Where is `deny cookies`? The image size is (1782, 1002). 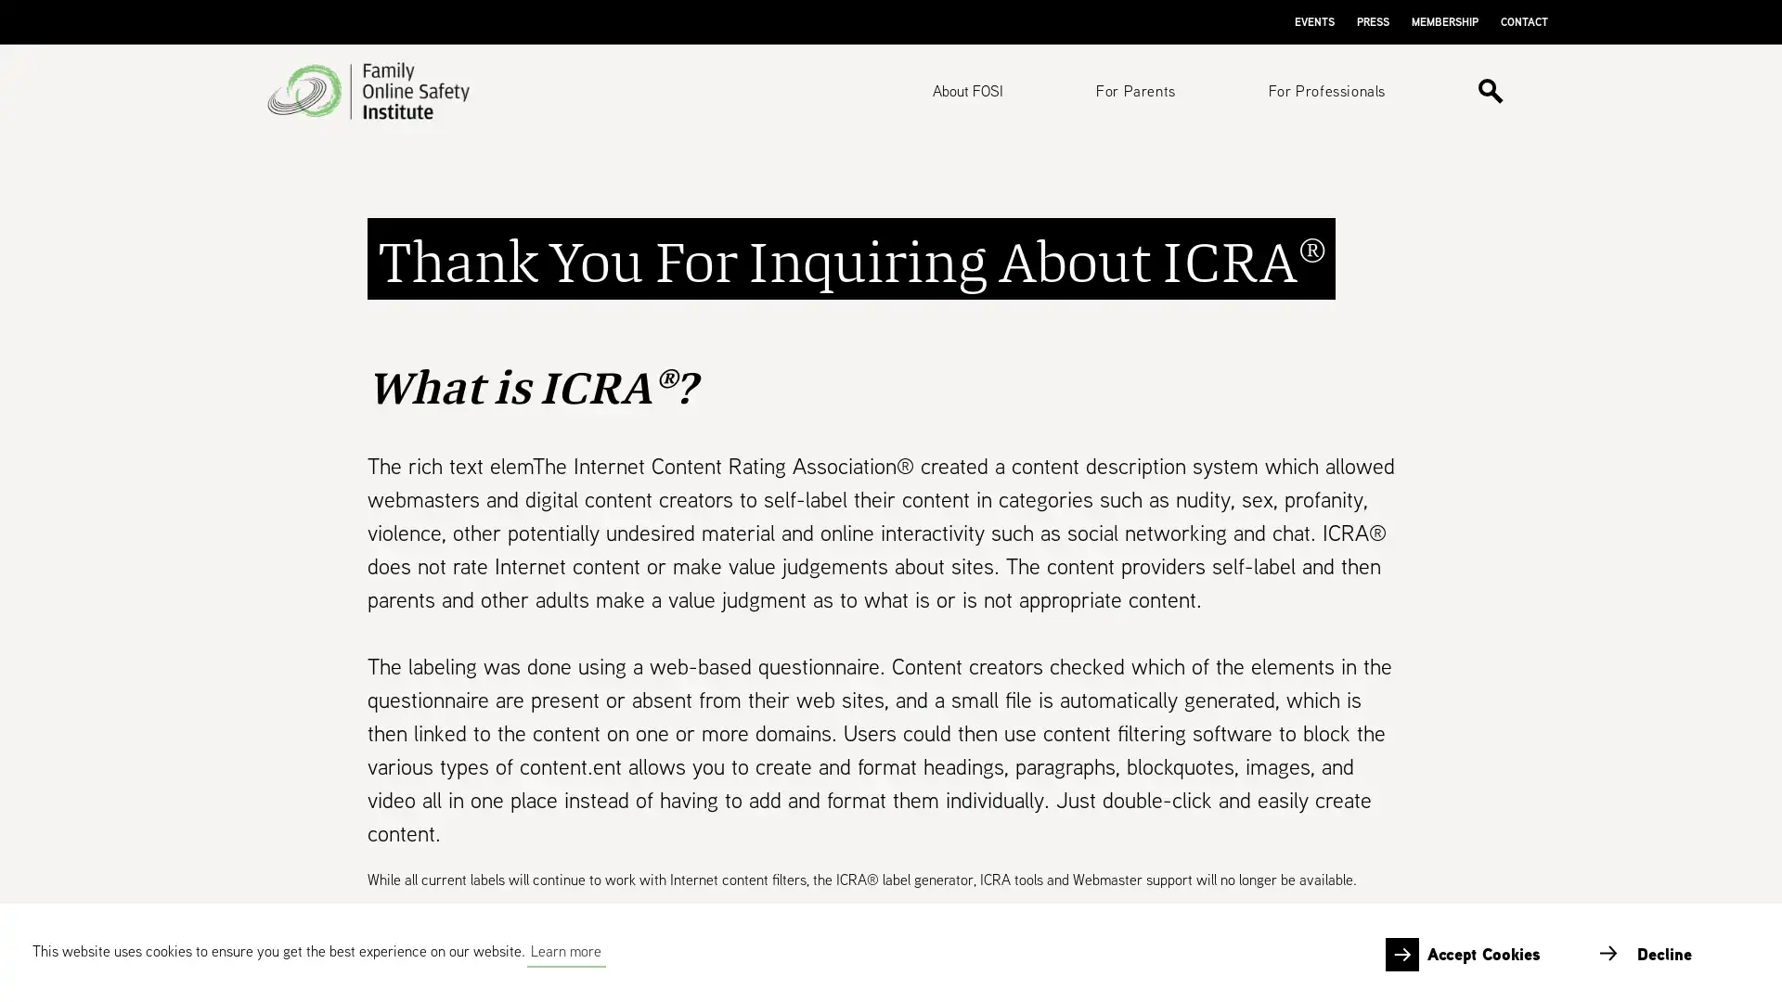
deny cookies is located at coordinates (1646, 952).